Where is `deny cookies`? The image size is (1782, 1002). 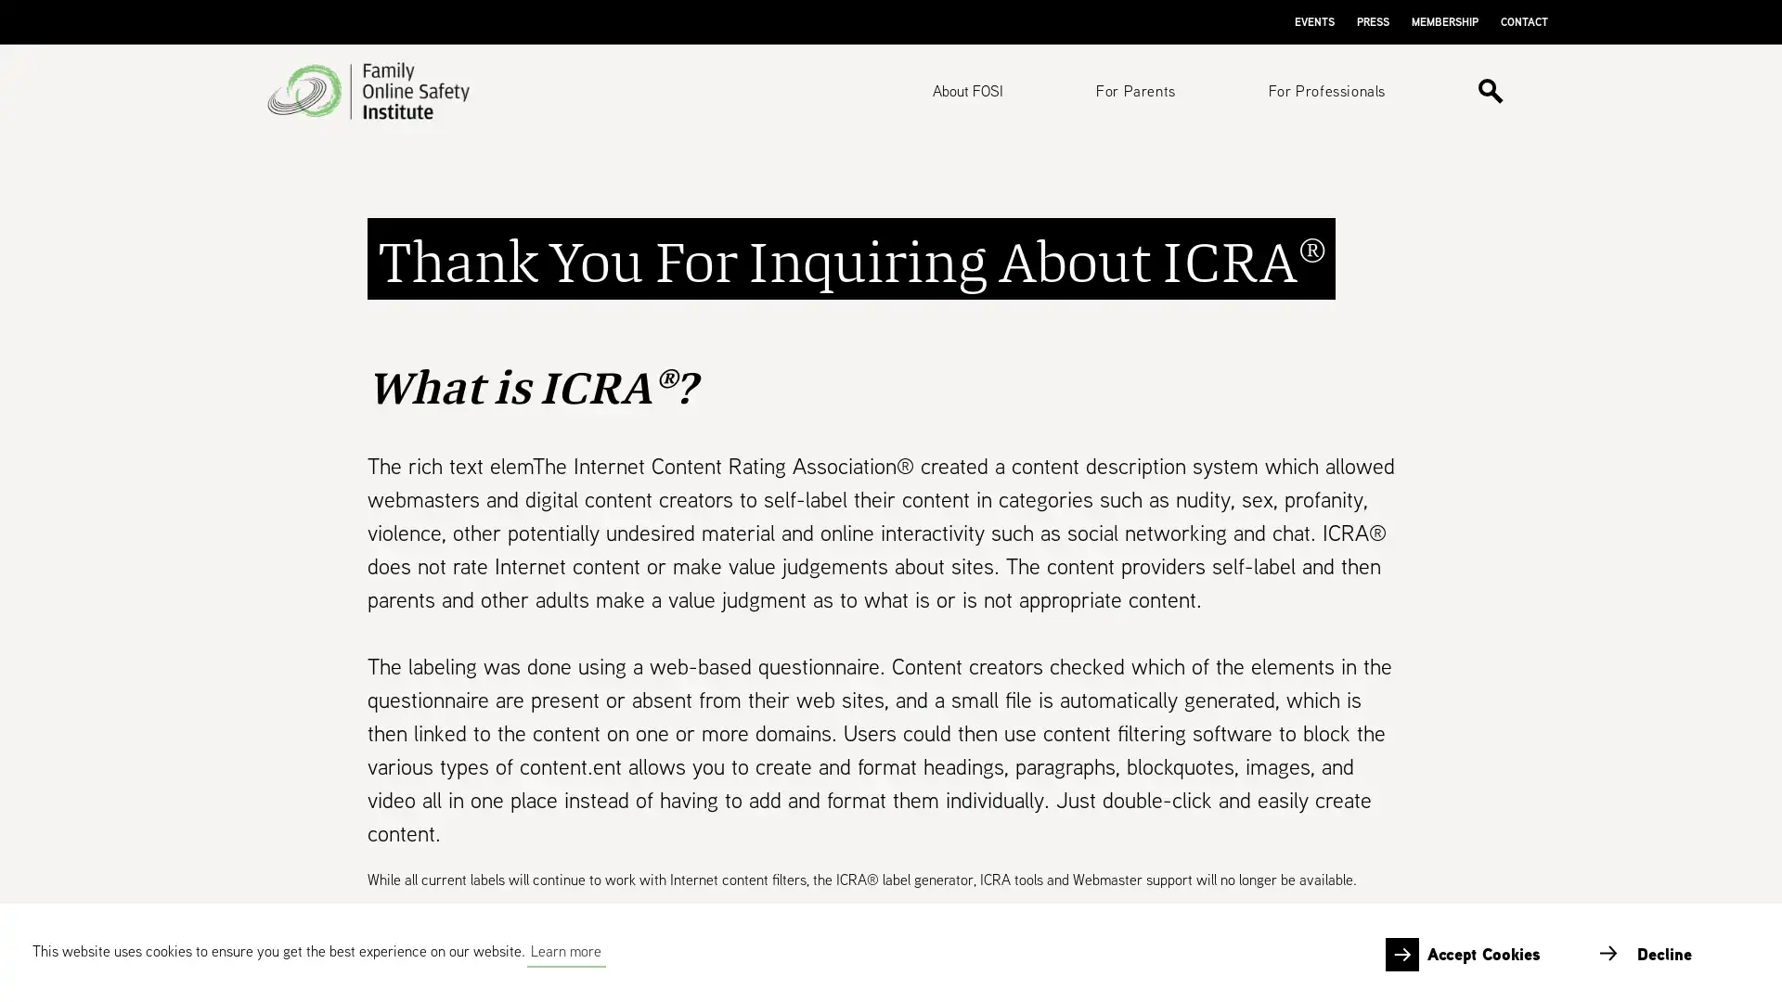
deny cookies is located at coordinates (1646, 952).